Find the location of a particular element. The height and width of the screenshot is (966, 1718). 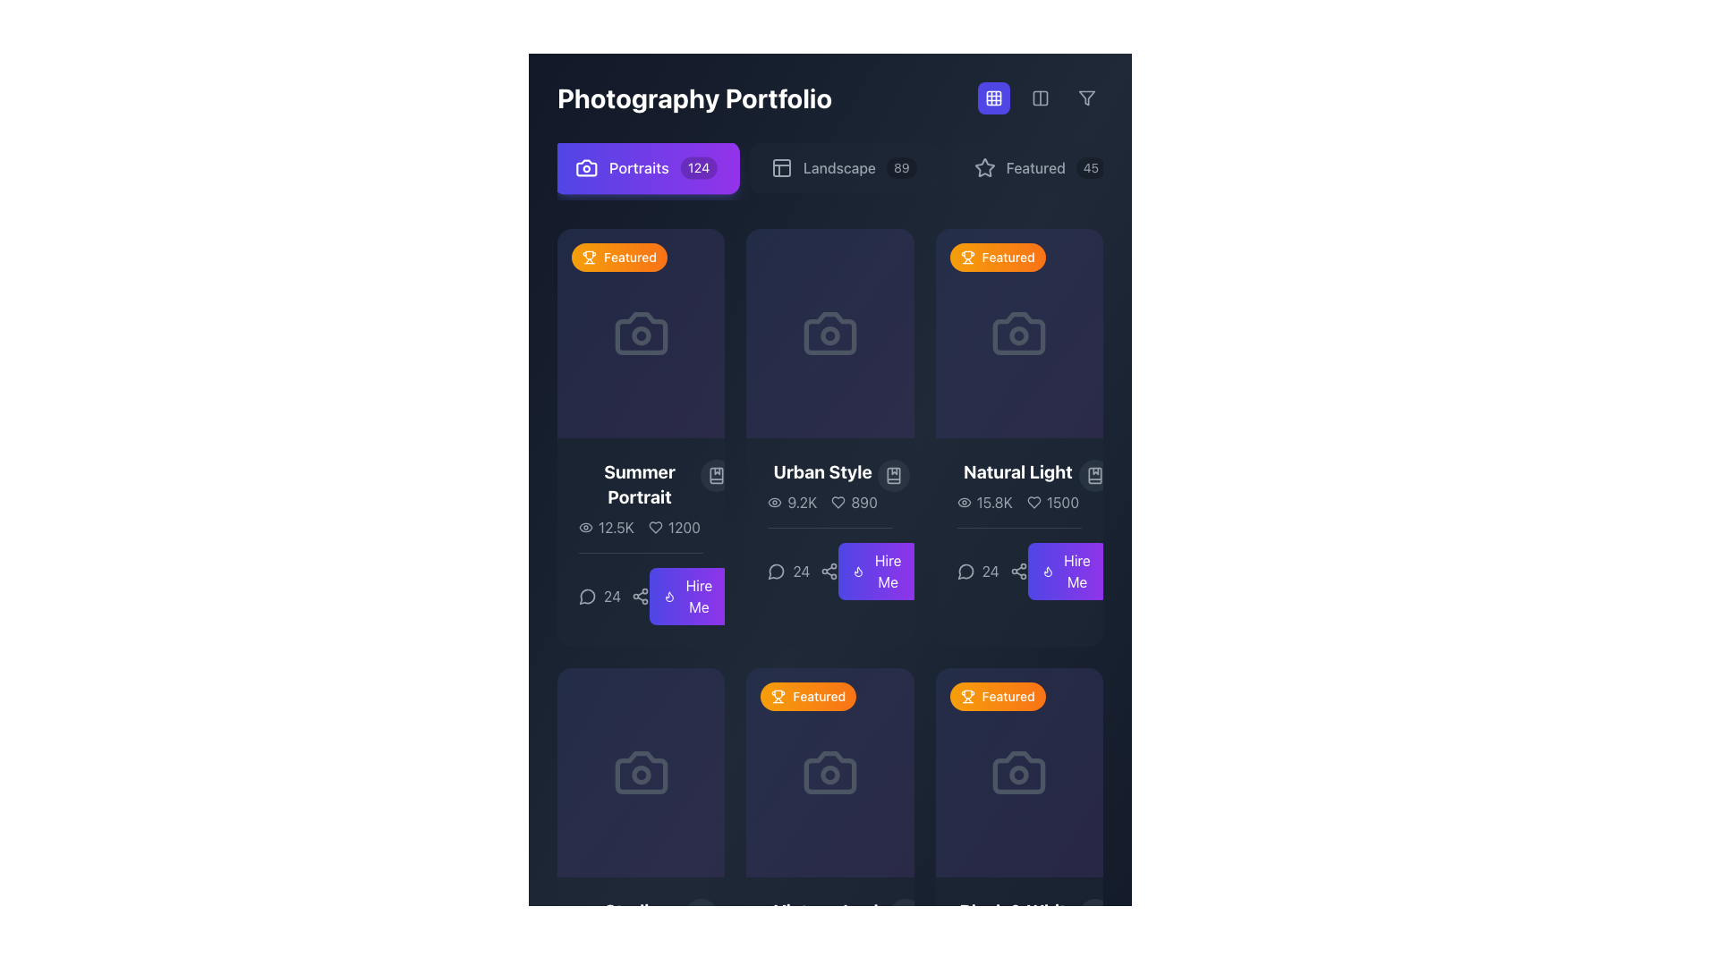

the camera icon located on the left side of the purple button labeled 'Portraits 124', which features a minimalistic design with sharp edges and a lens-like circle at its center is located at coordinates (586, 168).